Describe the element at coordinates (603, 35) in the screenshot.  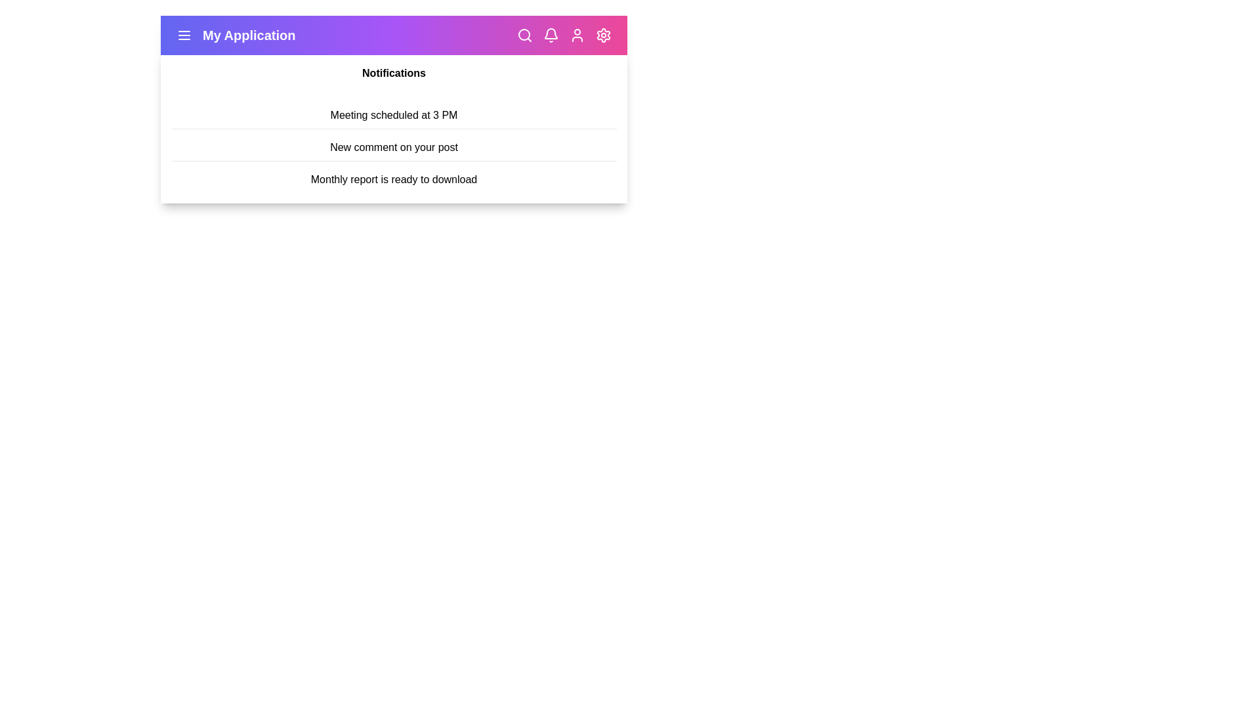
I see `the settings icon to access the settings` at that location.